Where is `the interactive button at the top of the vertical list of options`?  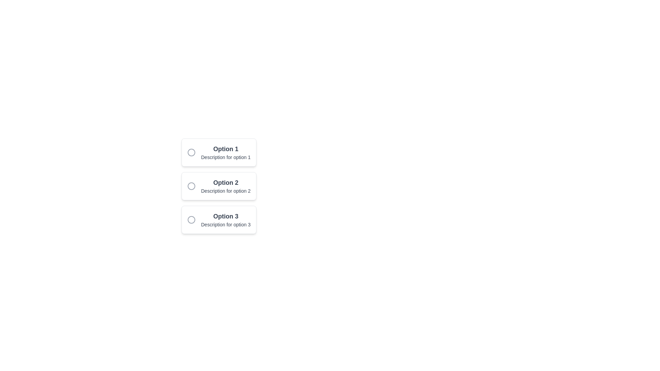 the interactive button at the top of the vertical list of options is located at coordinates (219, 152).